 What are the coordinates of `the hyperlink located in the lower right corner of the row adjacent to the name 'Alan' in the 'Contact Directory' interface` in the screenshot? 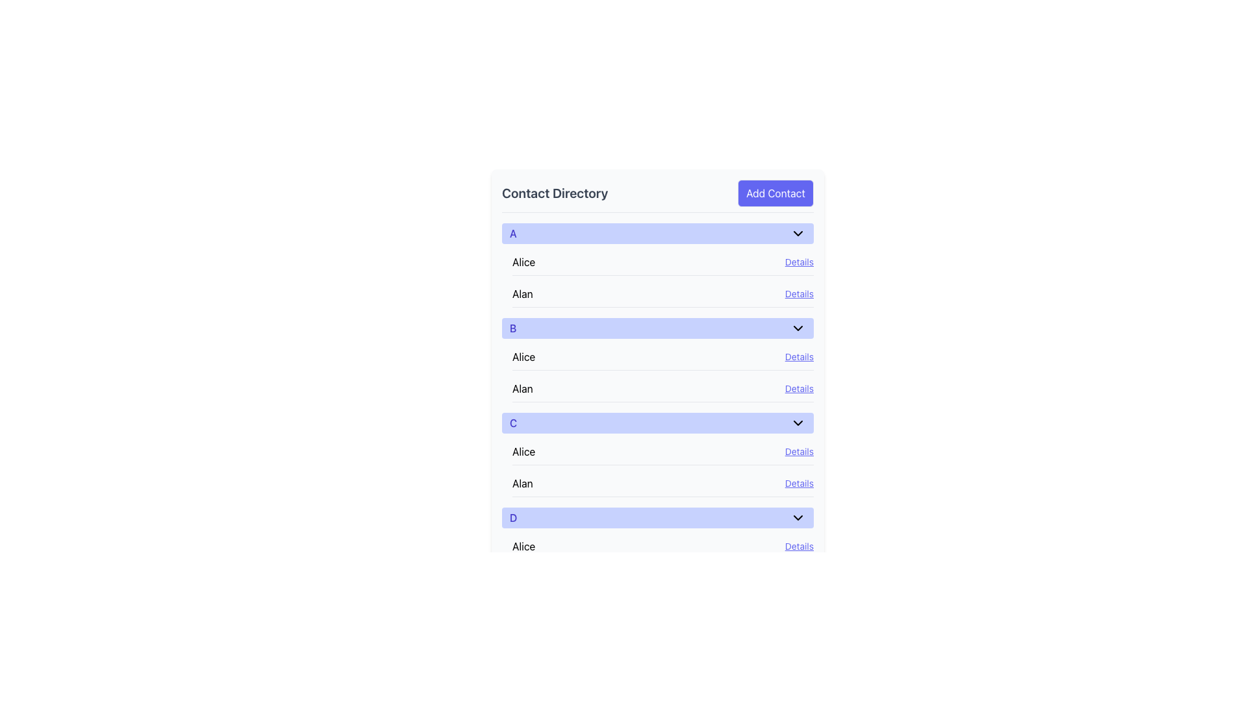 It's located at (798, 387).